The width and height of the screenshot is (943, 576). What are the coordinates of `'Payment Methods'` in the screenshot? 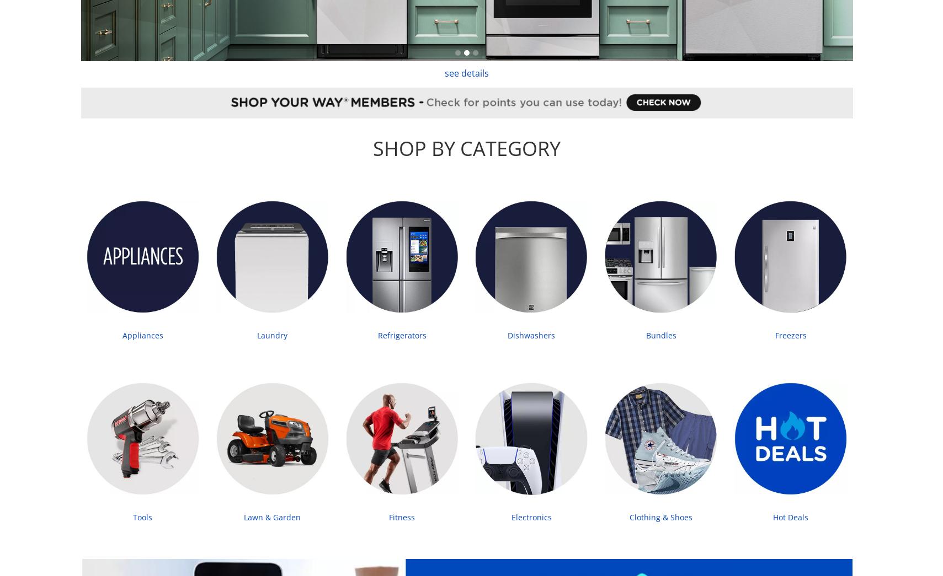 It's located at (714, 384).